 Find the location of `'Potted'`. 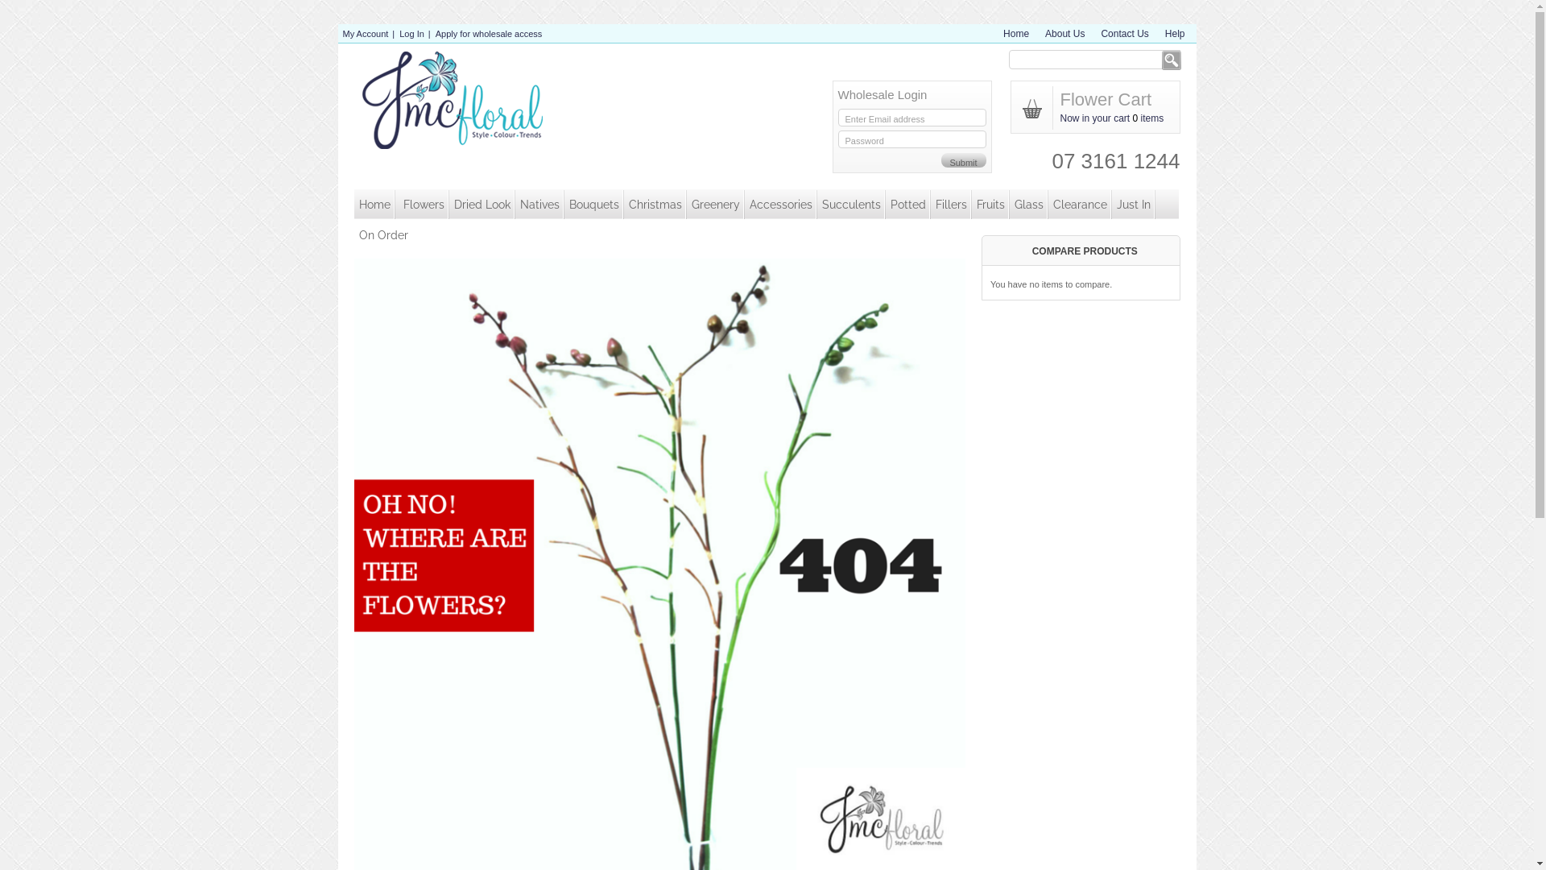

'Potted' is located at coordinates (908, 204).